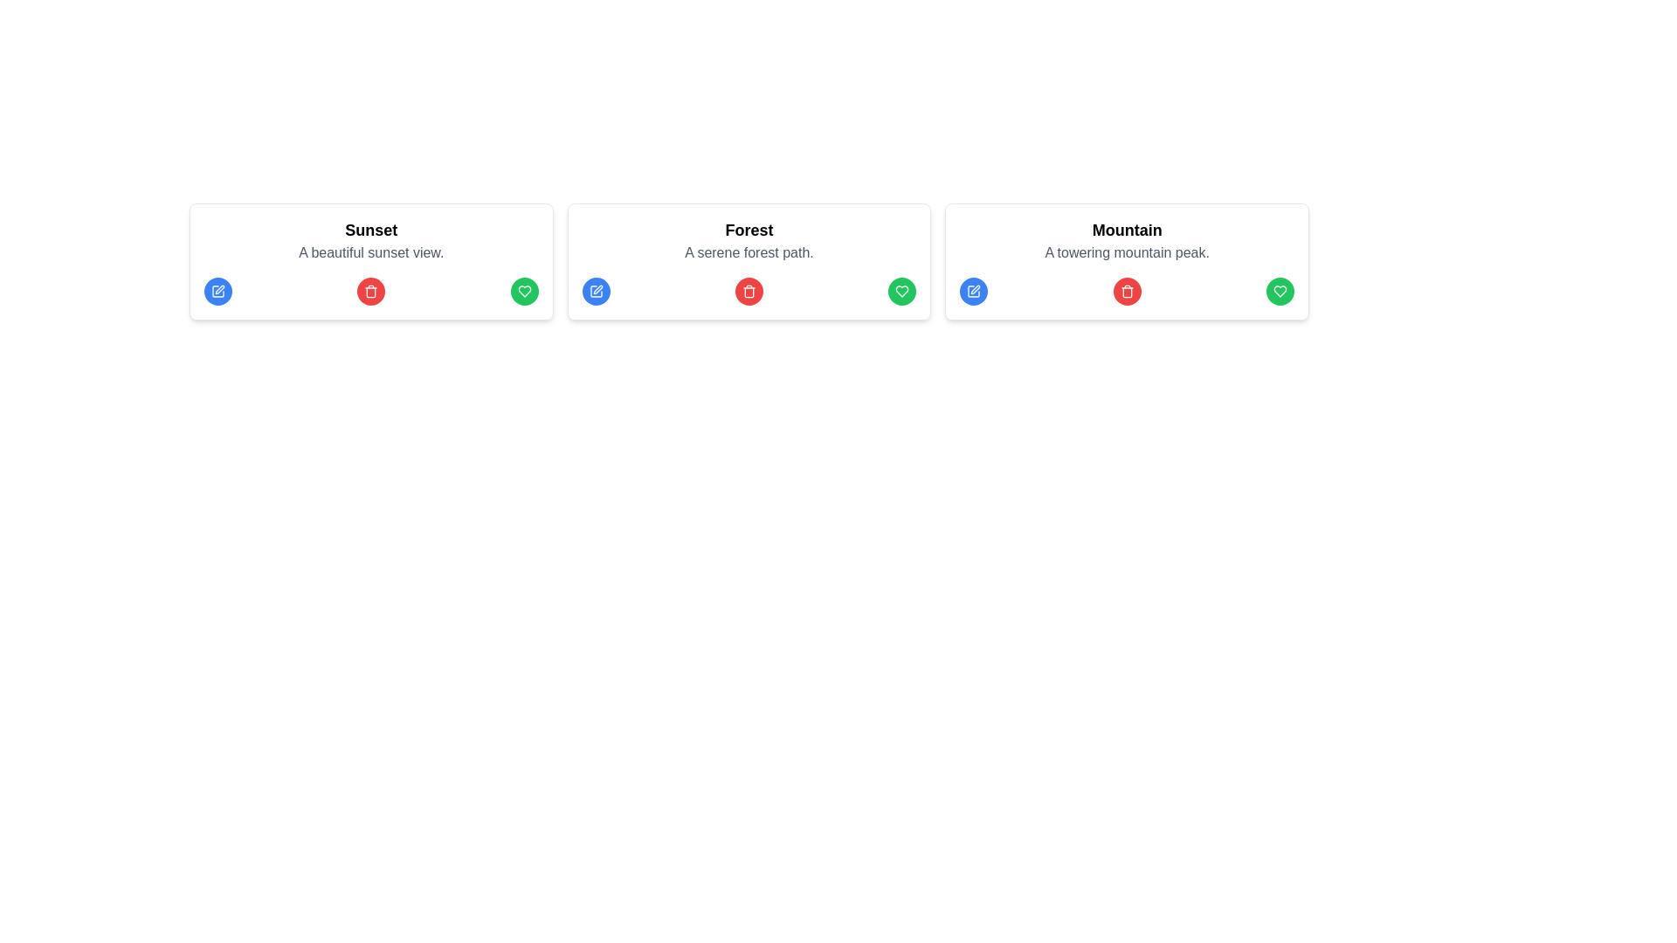 This screenshot has height=943, width=1677. What do you see at coordinates (1127, 229) in the screenshot?
I see `the static text label displaying 'Mountain' at the top of the third card in a row of three cards` at bounding box center [1127, 229].